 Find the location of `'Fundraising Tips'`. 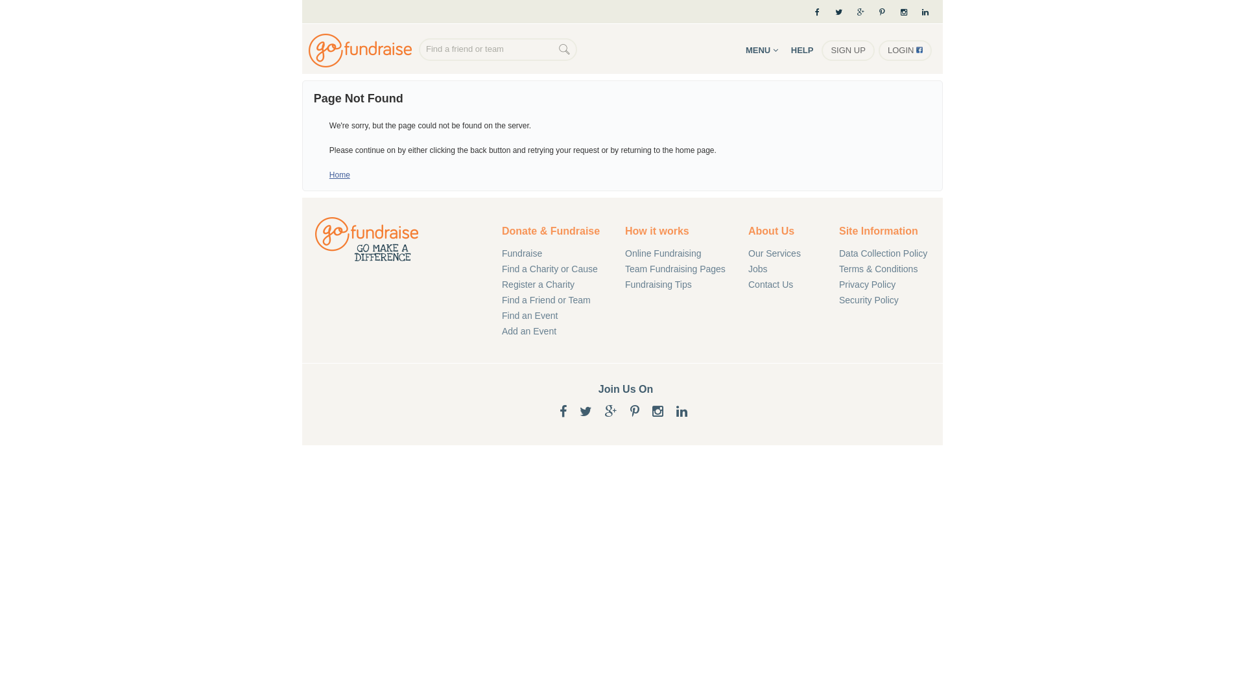

'Fundraising Tips' is located at coordinates (676, 284).